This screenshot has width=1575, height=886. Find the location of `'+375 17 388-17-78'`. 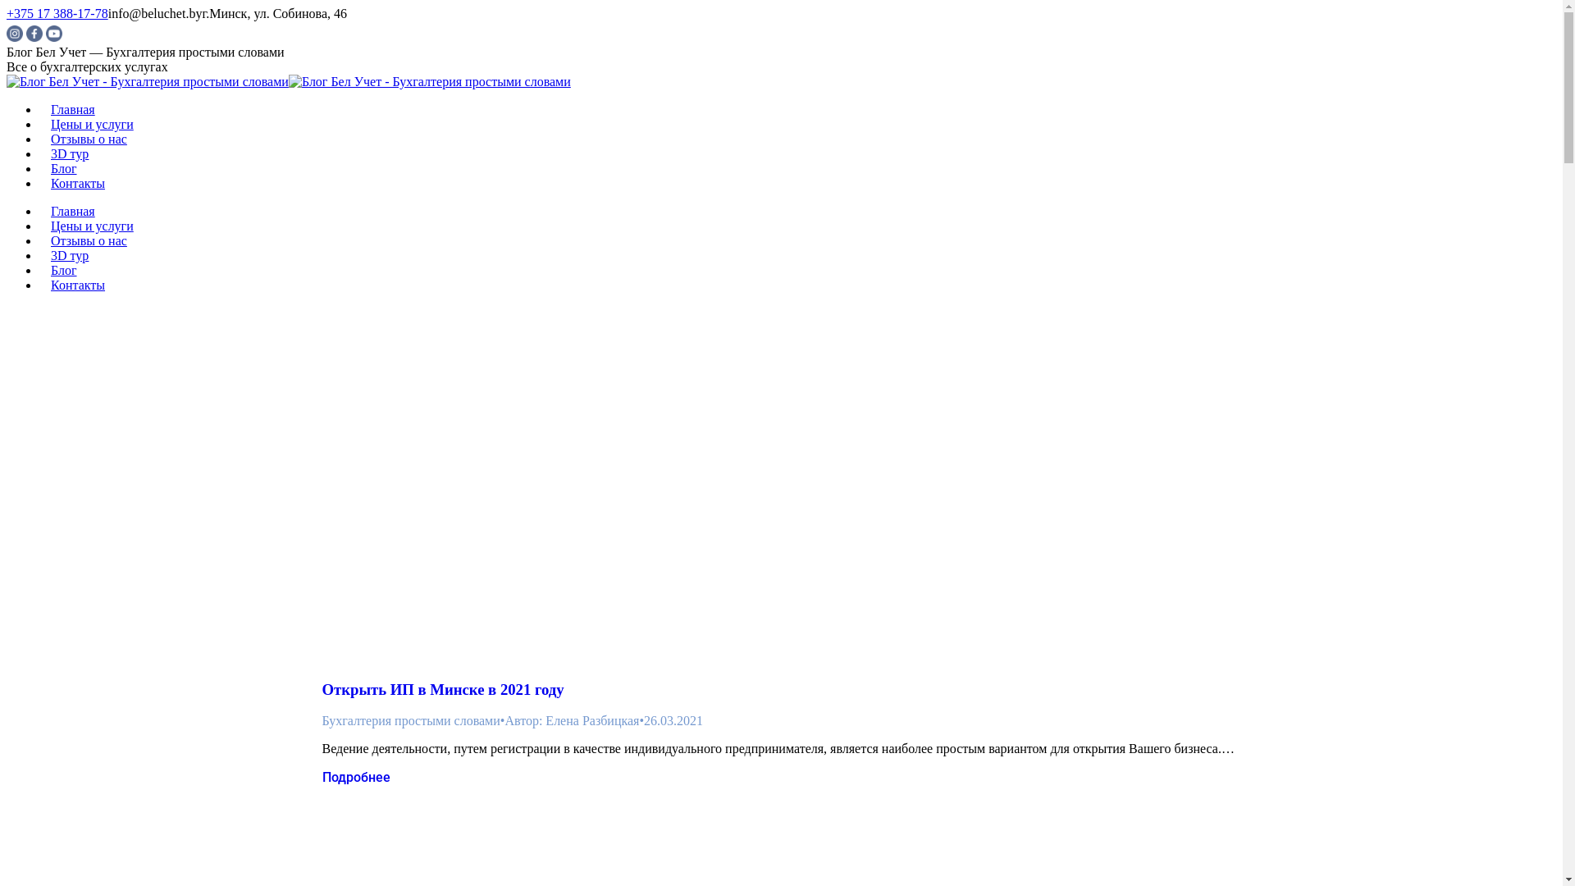

'+375 17 388-17-78' is located at coordinates (57, 13).